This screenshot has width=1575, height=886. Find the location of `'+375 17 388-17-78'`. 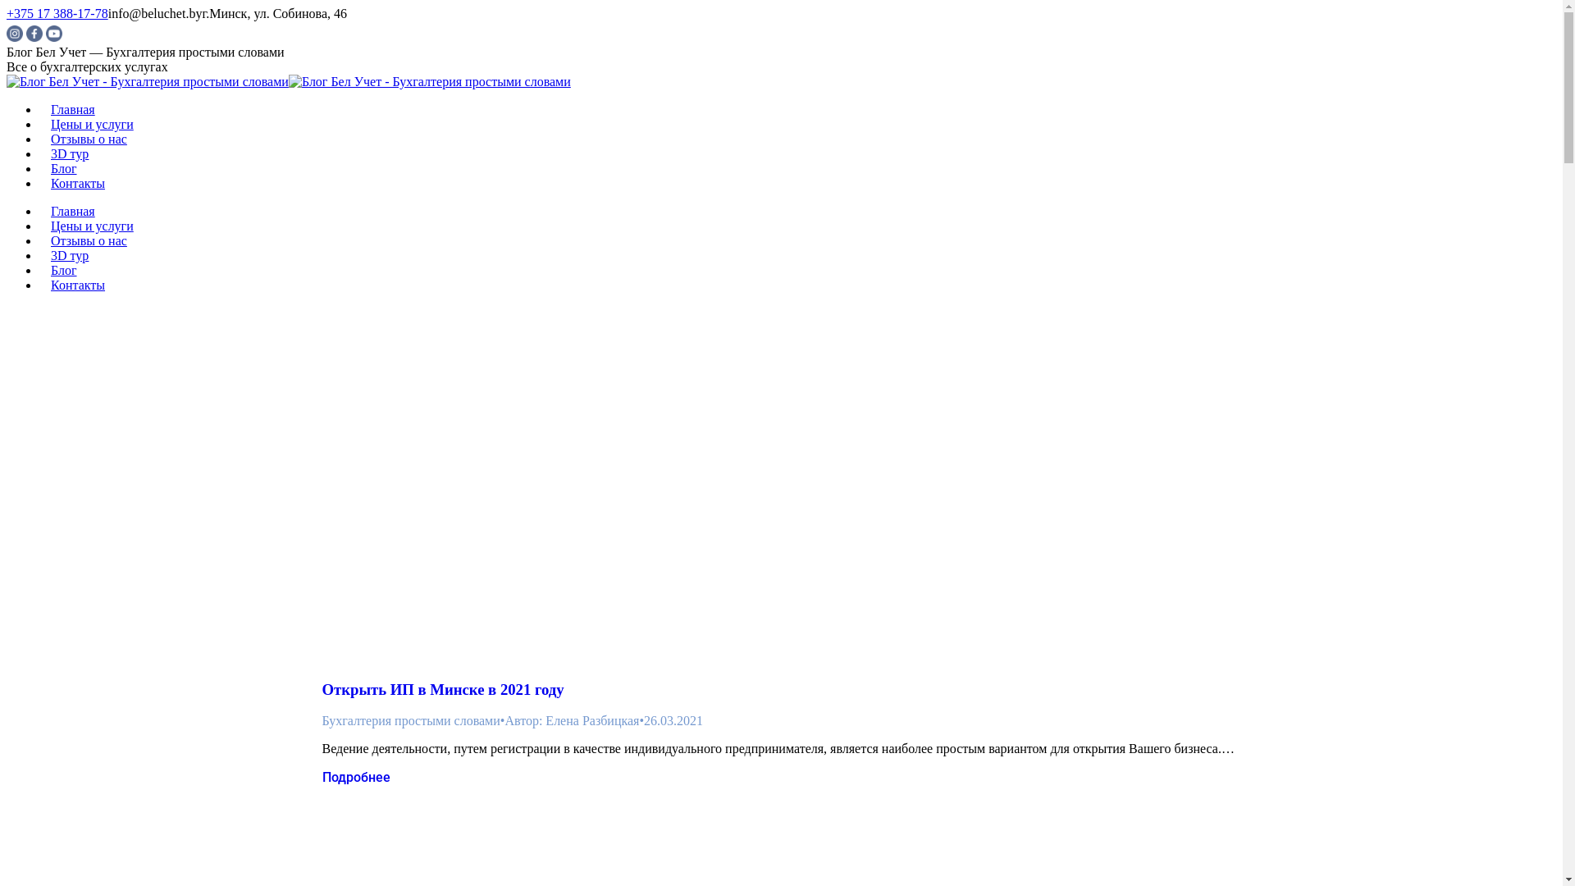

'+375 17 388-17-78' is located at coordinates (57, 13).